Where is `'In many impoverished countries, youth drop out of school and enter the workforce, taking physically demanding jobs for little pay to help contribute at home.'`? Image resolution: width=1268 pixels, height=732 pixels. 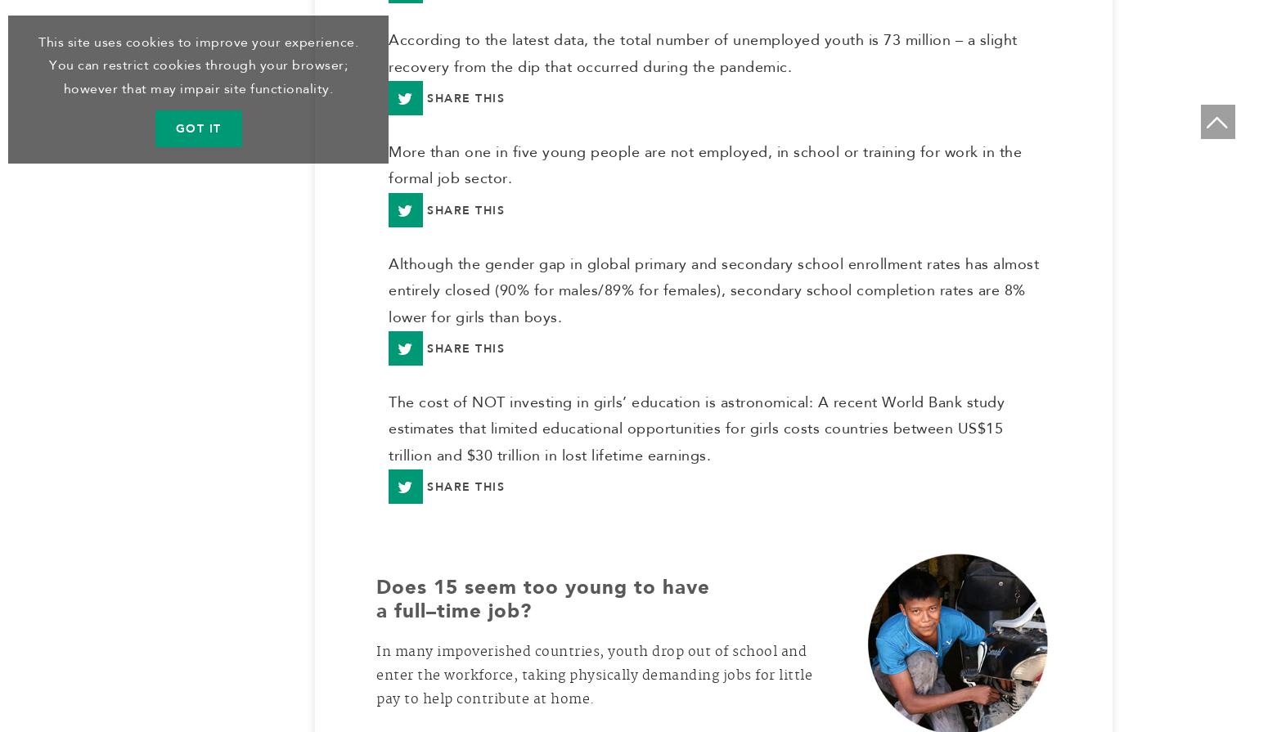 'In many impoverished countries, youth drop out of school and enter the workforce, taking physically demanding jobs for little pay to help contribute at home.' is located at coordinates (594, 681).